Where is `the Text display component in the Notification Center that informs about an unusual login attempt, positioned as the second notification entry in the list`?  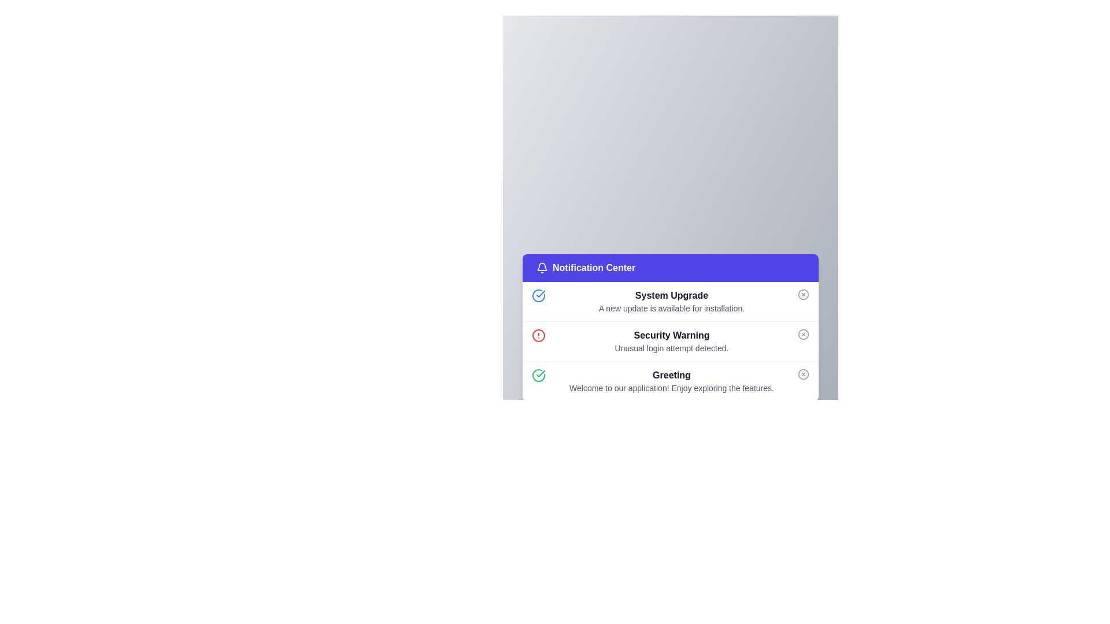 the Text display component in the Notification Center that informs about an unusual login attempt, positioned as the second notification entry in the list is located at coordinates (671, 340).